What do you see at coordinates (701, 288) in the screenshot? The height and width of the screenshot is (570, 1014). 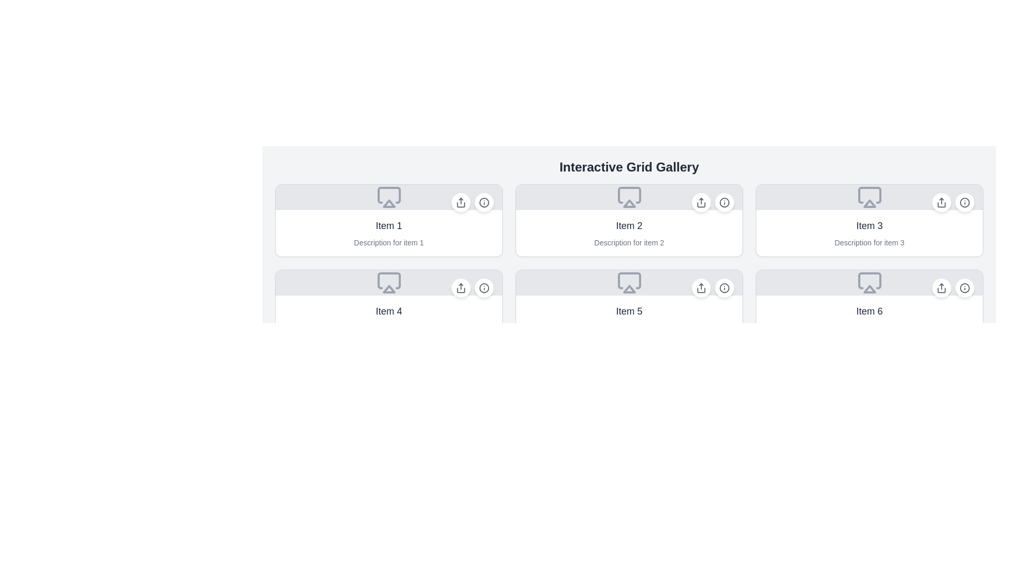 I see `the share icon button located at the bottom-right corner of 'Item 5' in the interactive grid gallery` at bounding box center [701, 288].